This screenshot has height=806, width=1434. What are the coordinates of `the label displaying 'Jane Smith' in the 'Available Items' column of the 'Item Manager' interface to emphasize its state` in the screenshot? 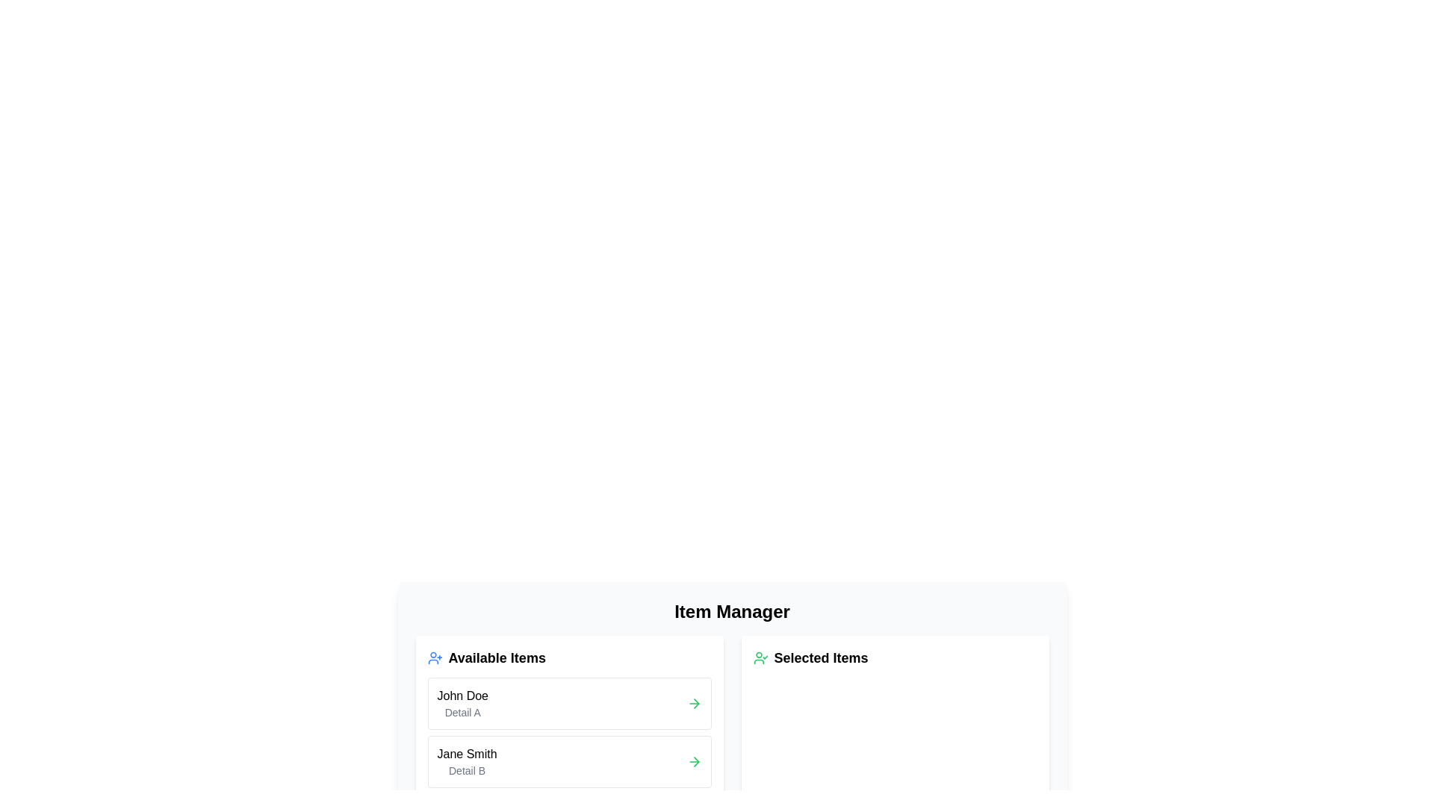 It's located at (466, 762).